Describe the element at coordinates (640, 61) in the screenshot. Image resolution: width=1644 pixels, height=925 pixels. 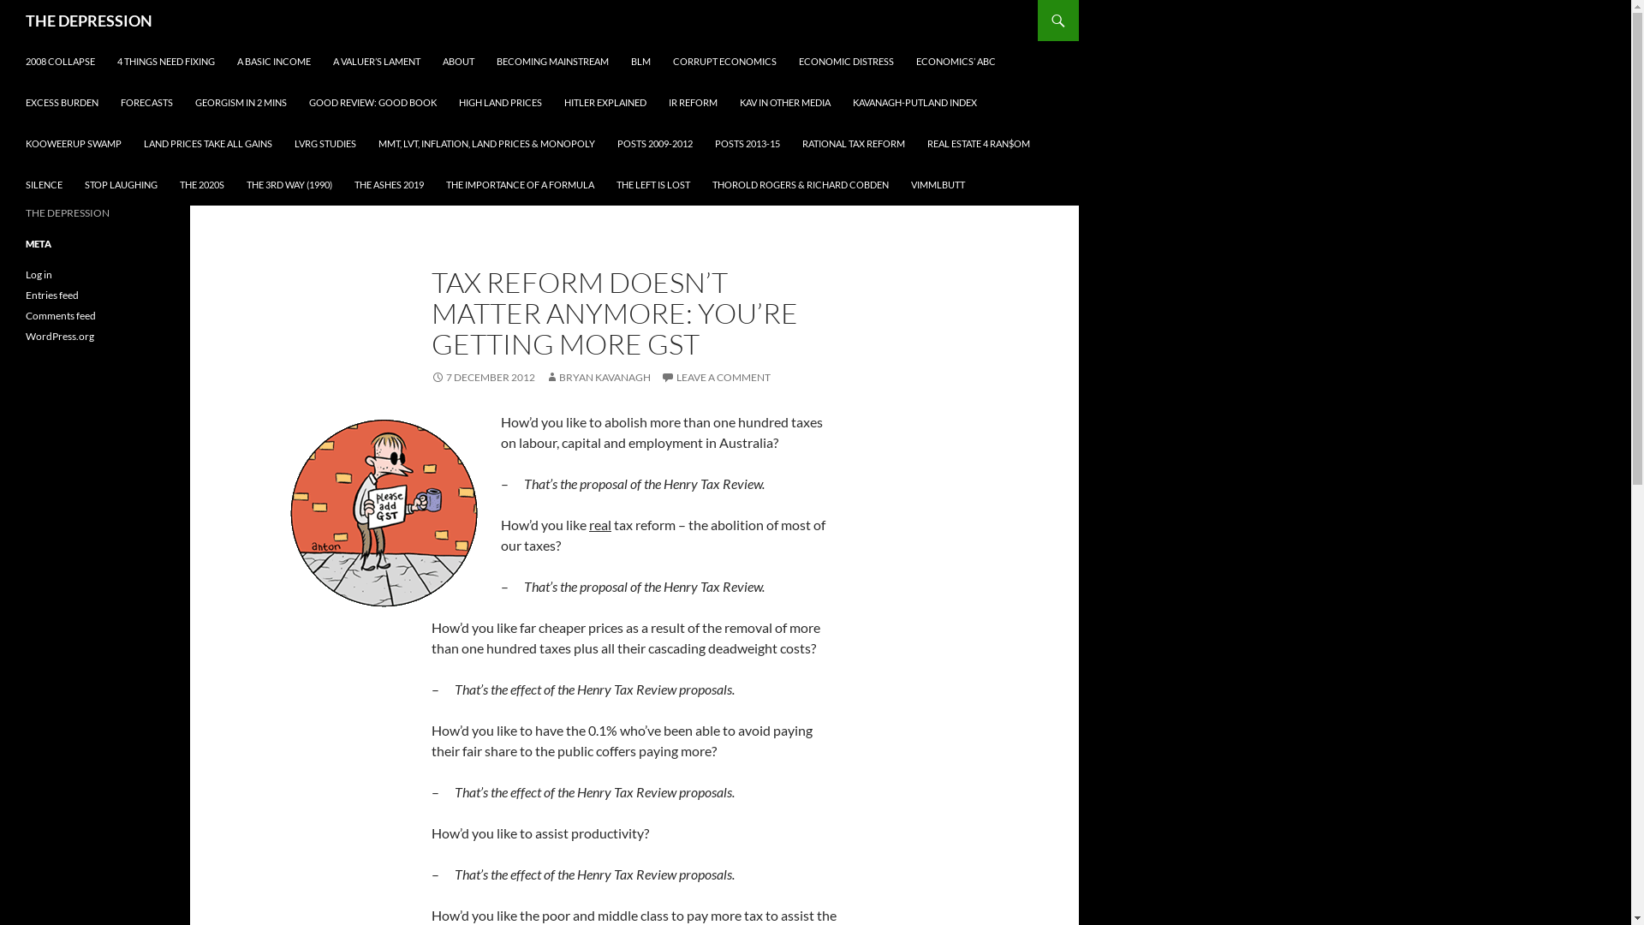
I see `'BLM'` at that location.